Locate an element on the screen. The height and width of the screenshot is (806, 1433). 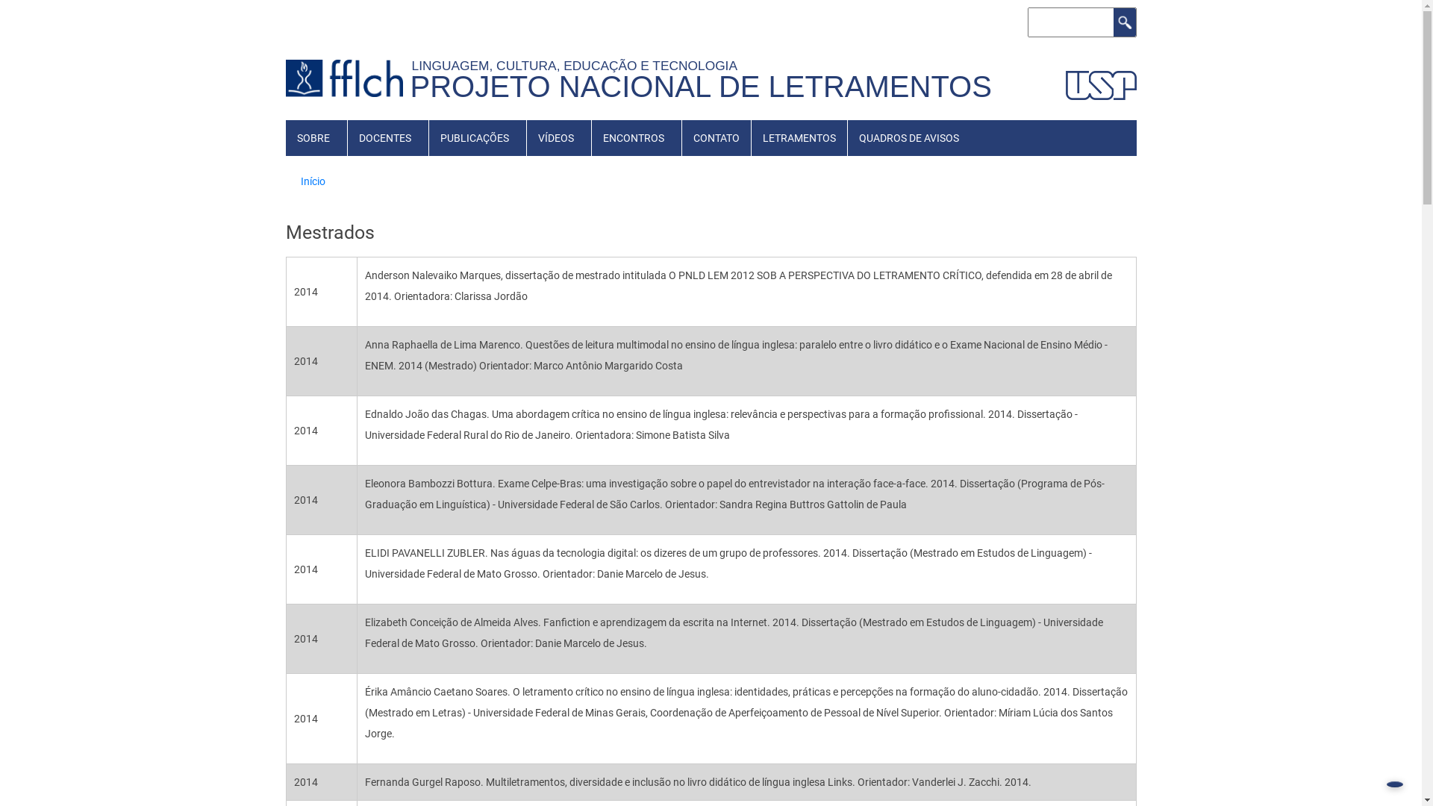
'Back to Top' is located at coordinates (1393, 783).